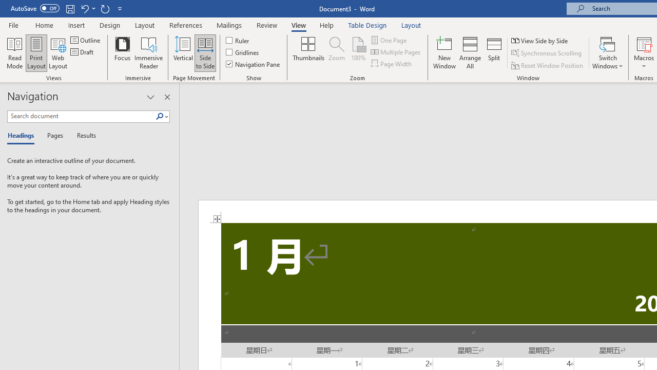 The width and height of the screenshot is (657, 370). I want to click on 'Repeat Doc Close', so click(105, 8).